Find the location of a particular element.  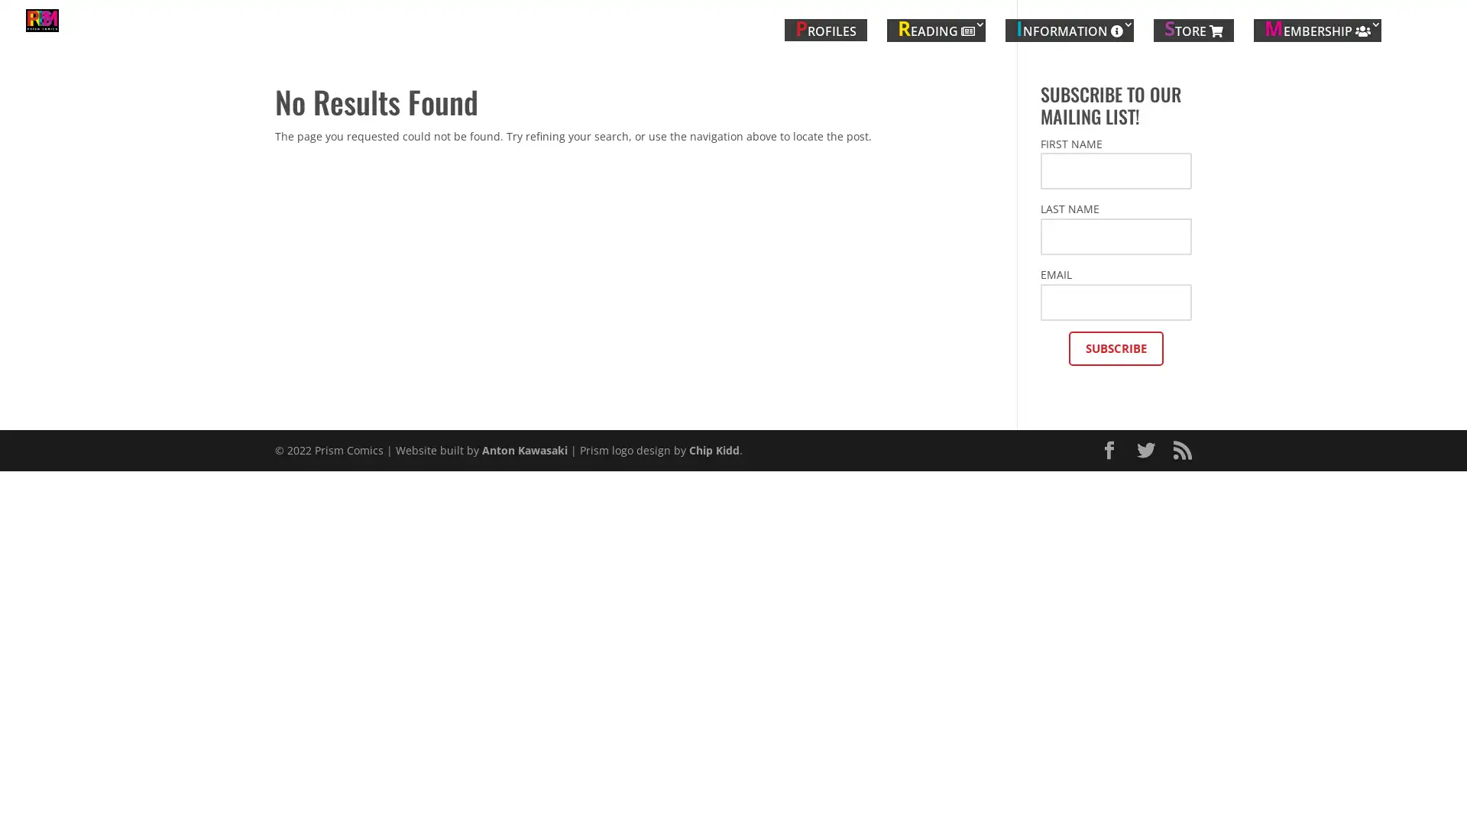

SUBSCRIBE is located at coordinates (1116, 352).